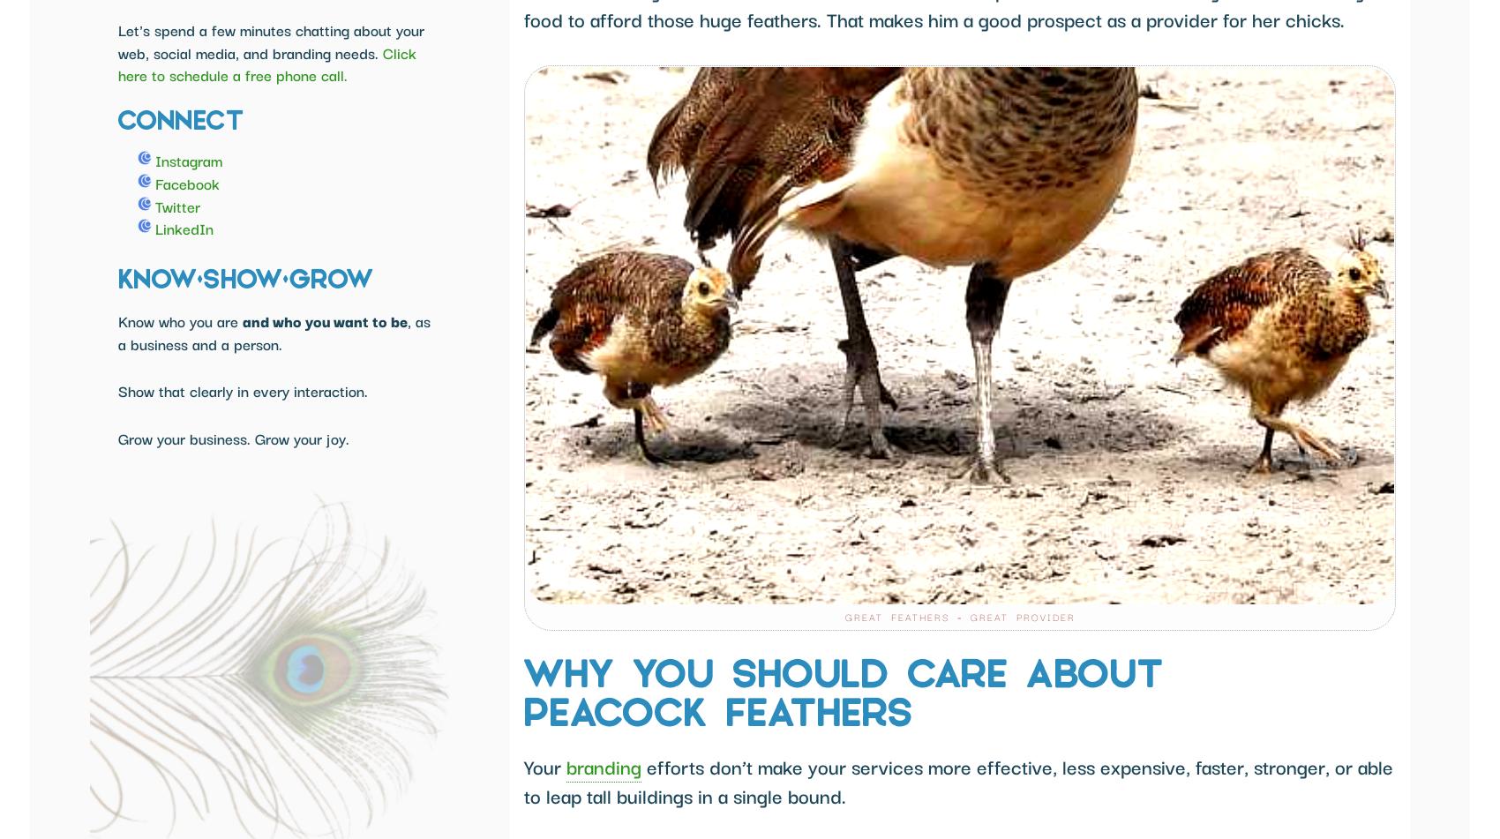 The width and height of the screenshot is (1500, 839). I want to click on ', as a business and a person.', so click(274, 332).